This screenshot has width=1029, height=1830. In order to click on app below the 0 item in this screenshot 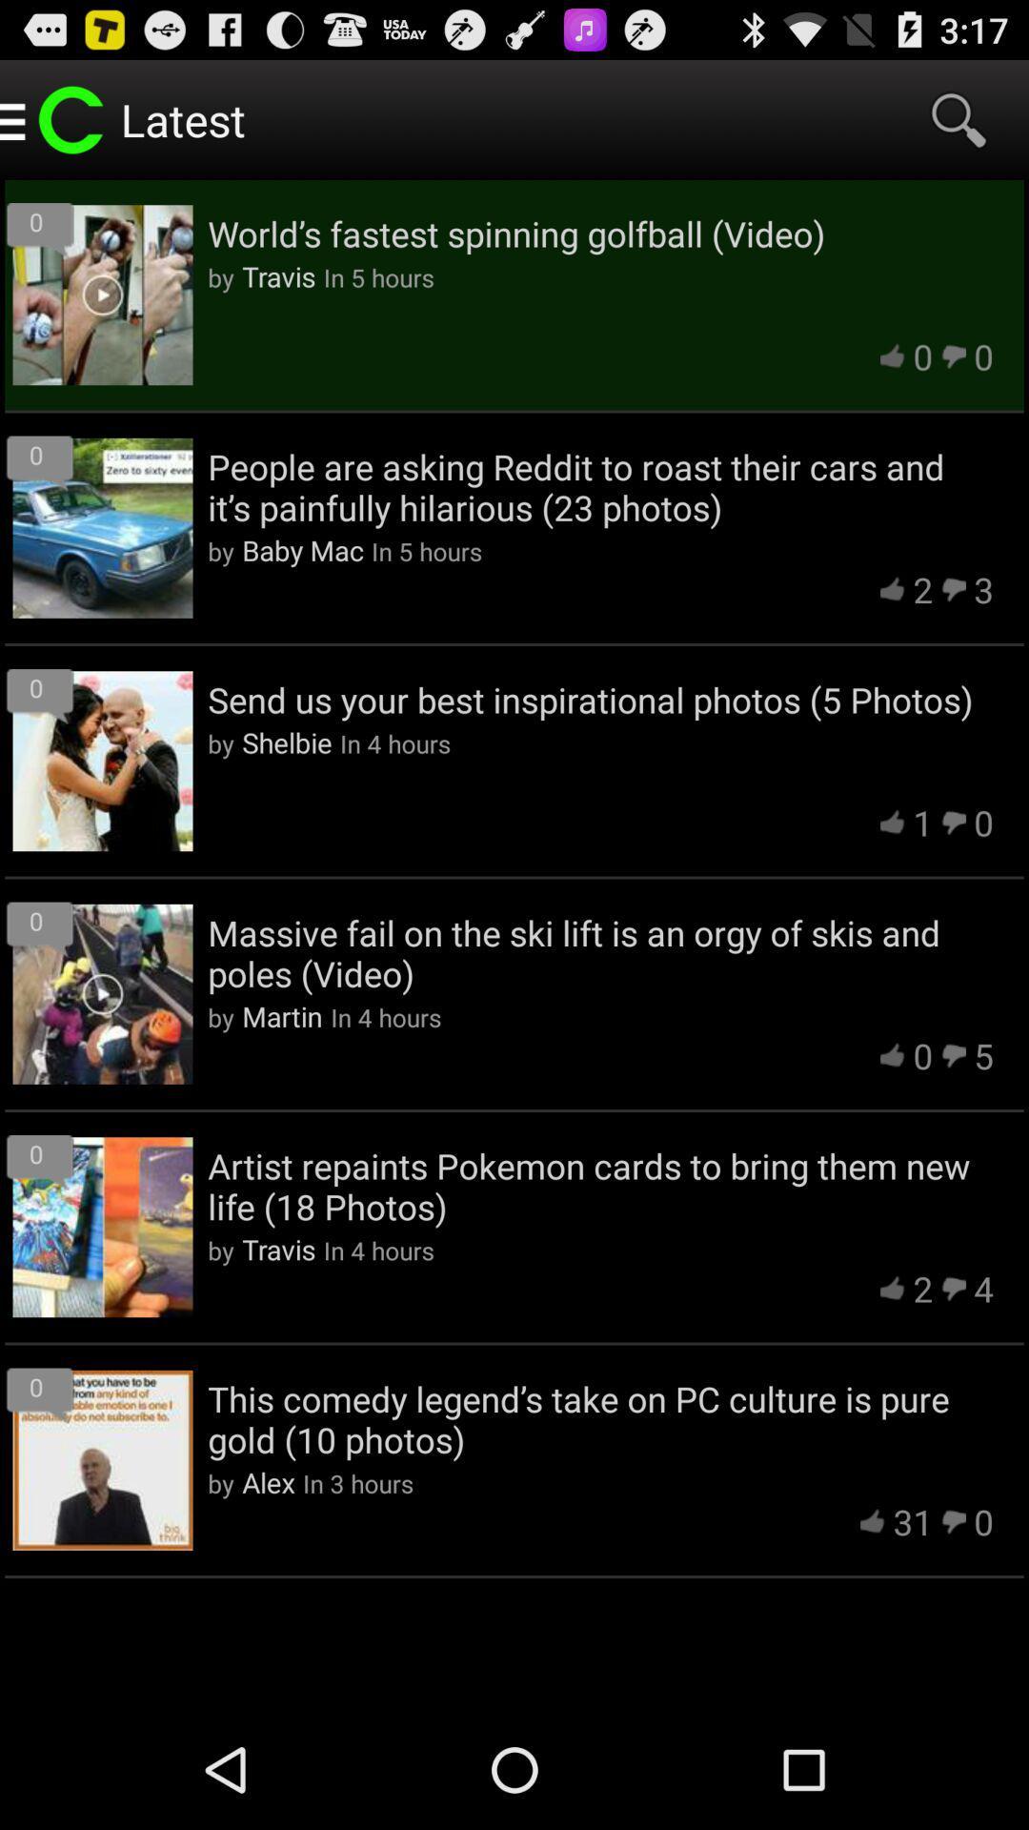, I will do `click(600, 1185)`.